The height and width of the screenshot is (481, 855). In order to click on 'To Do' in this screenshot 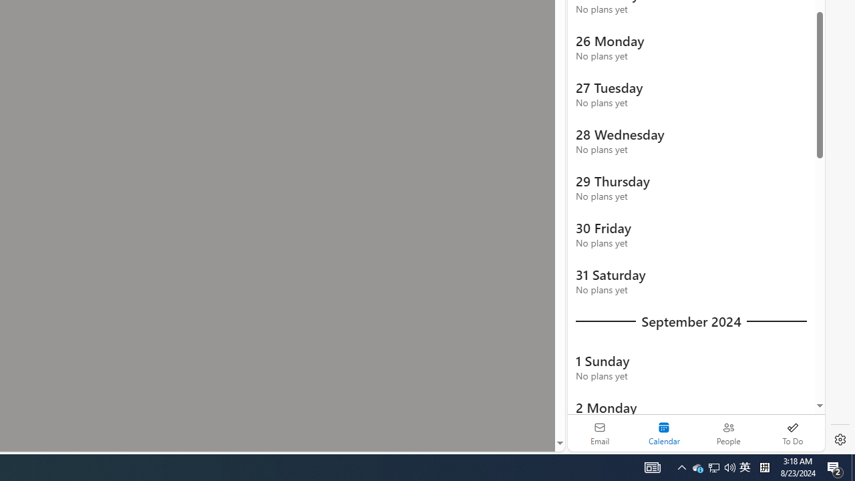, I will do `click(792, 433)`.